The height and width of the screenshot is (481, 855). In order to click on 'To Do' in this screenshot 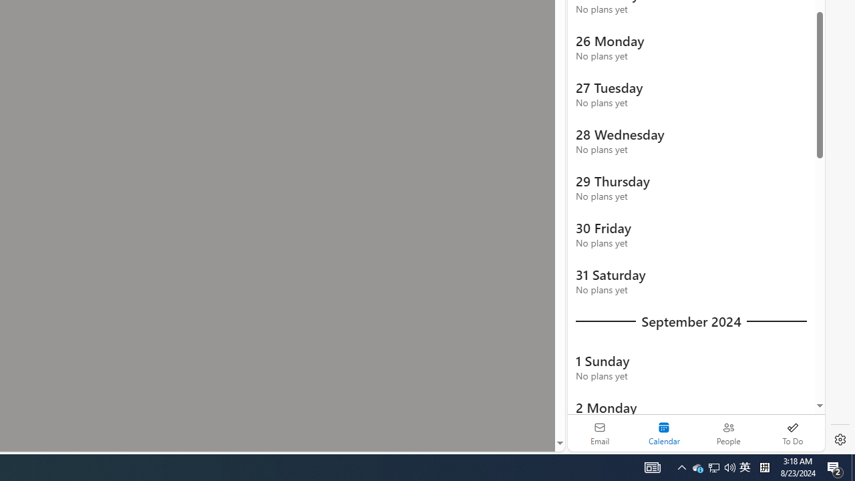, I will do `click(792, 433)`.